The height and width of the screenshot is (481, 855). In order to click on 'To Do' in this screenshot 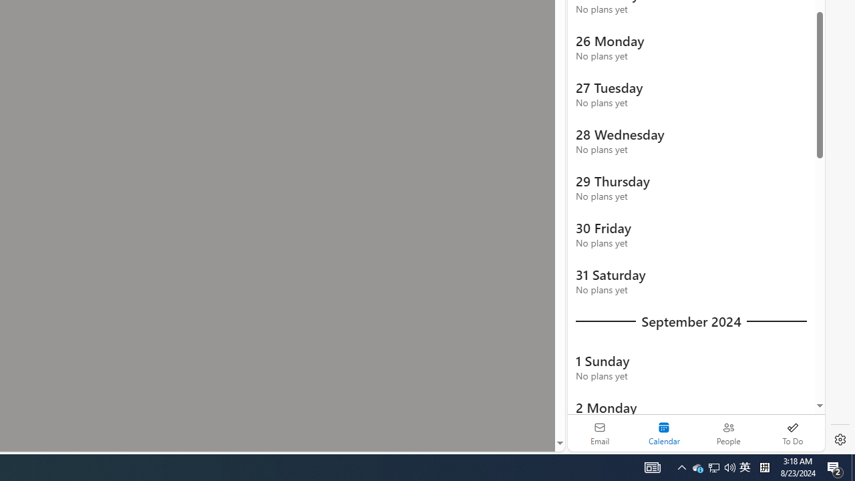, I will do `click(792, 433)`.